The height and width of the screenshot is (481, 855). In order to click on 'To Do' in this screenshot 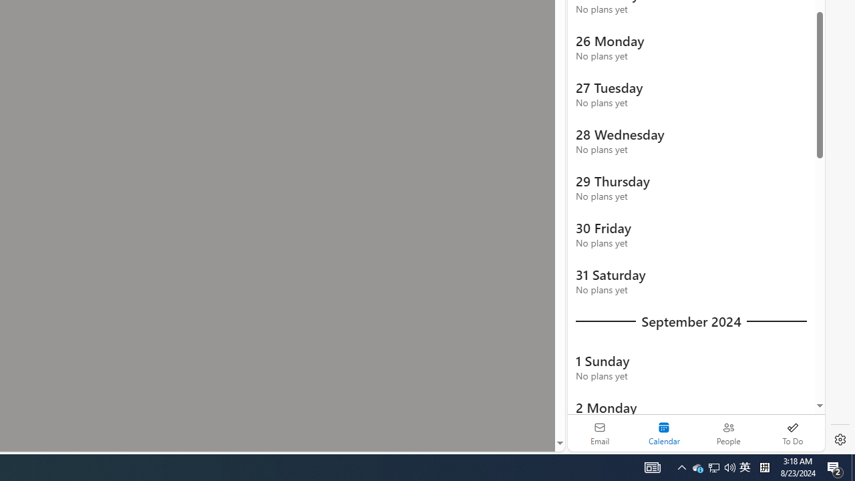, I will do `click(792, 433)`.